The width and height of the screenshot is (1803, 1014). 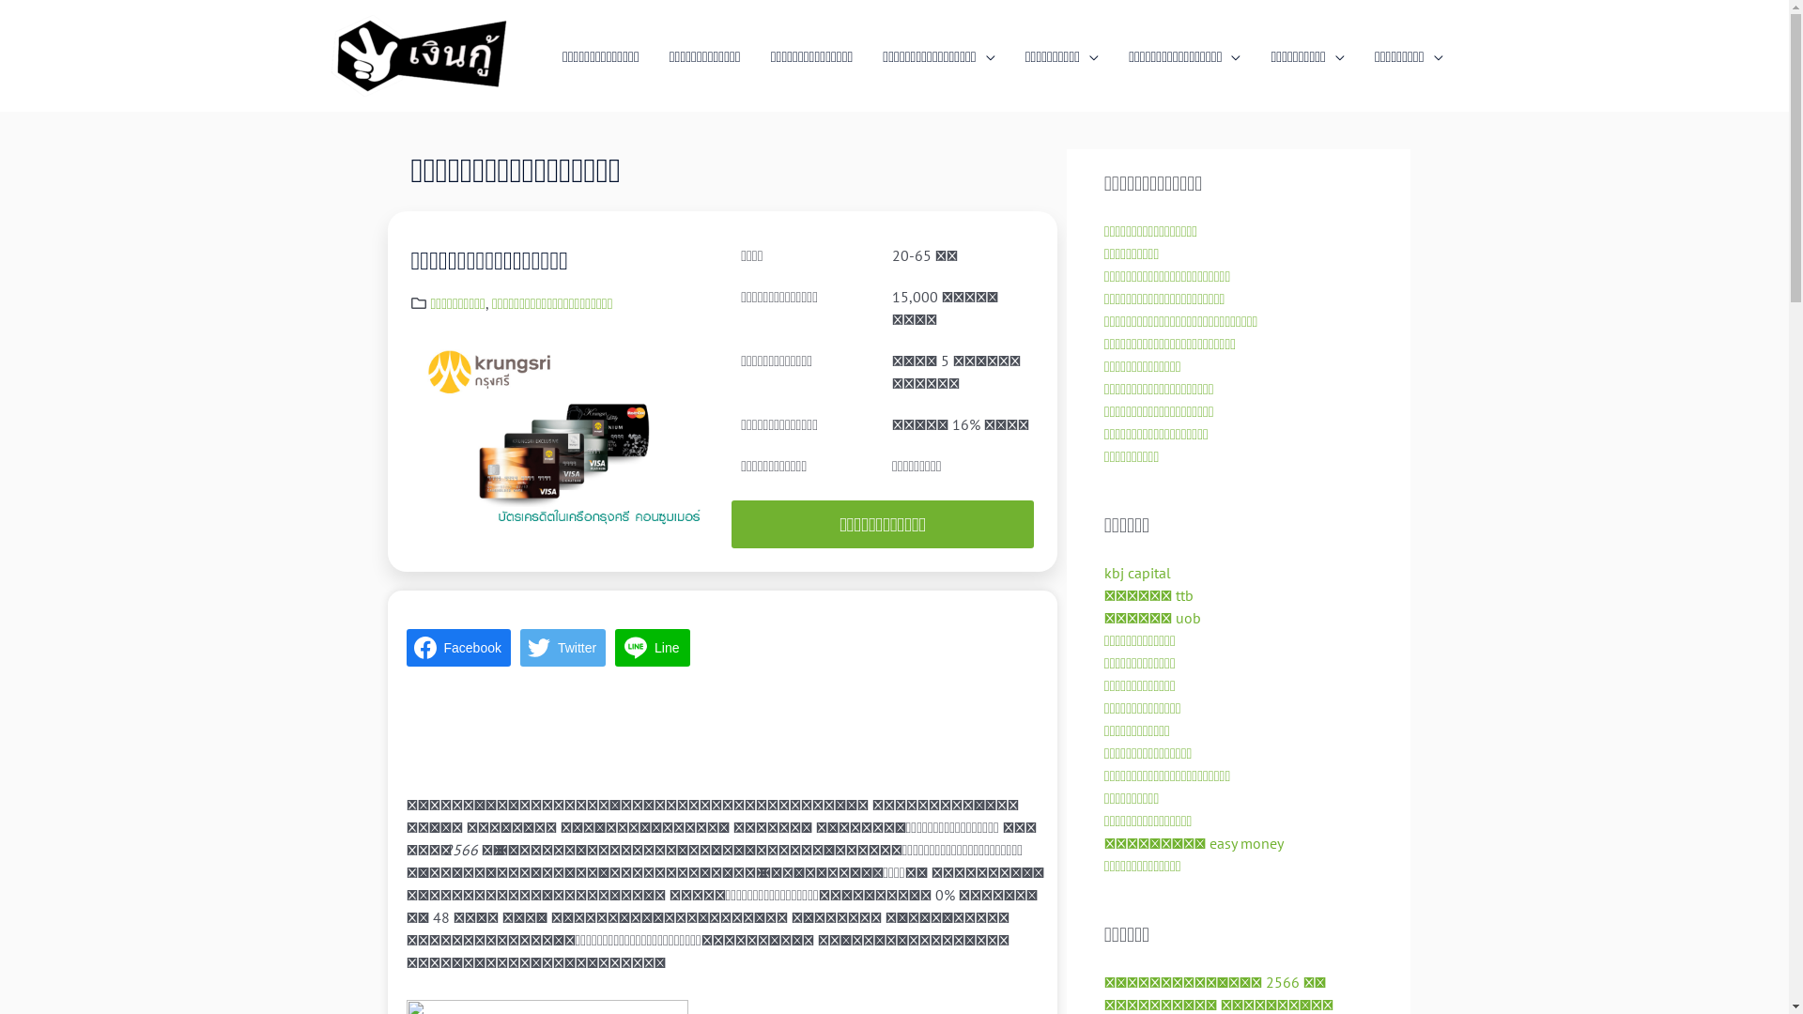 I want to click on 'Facebook', so click(x=457, y=647).